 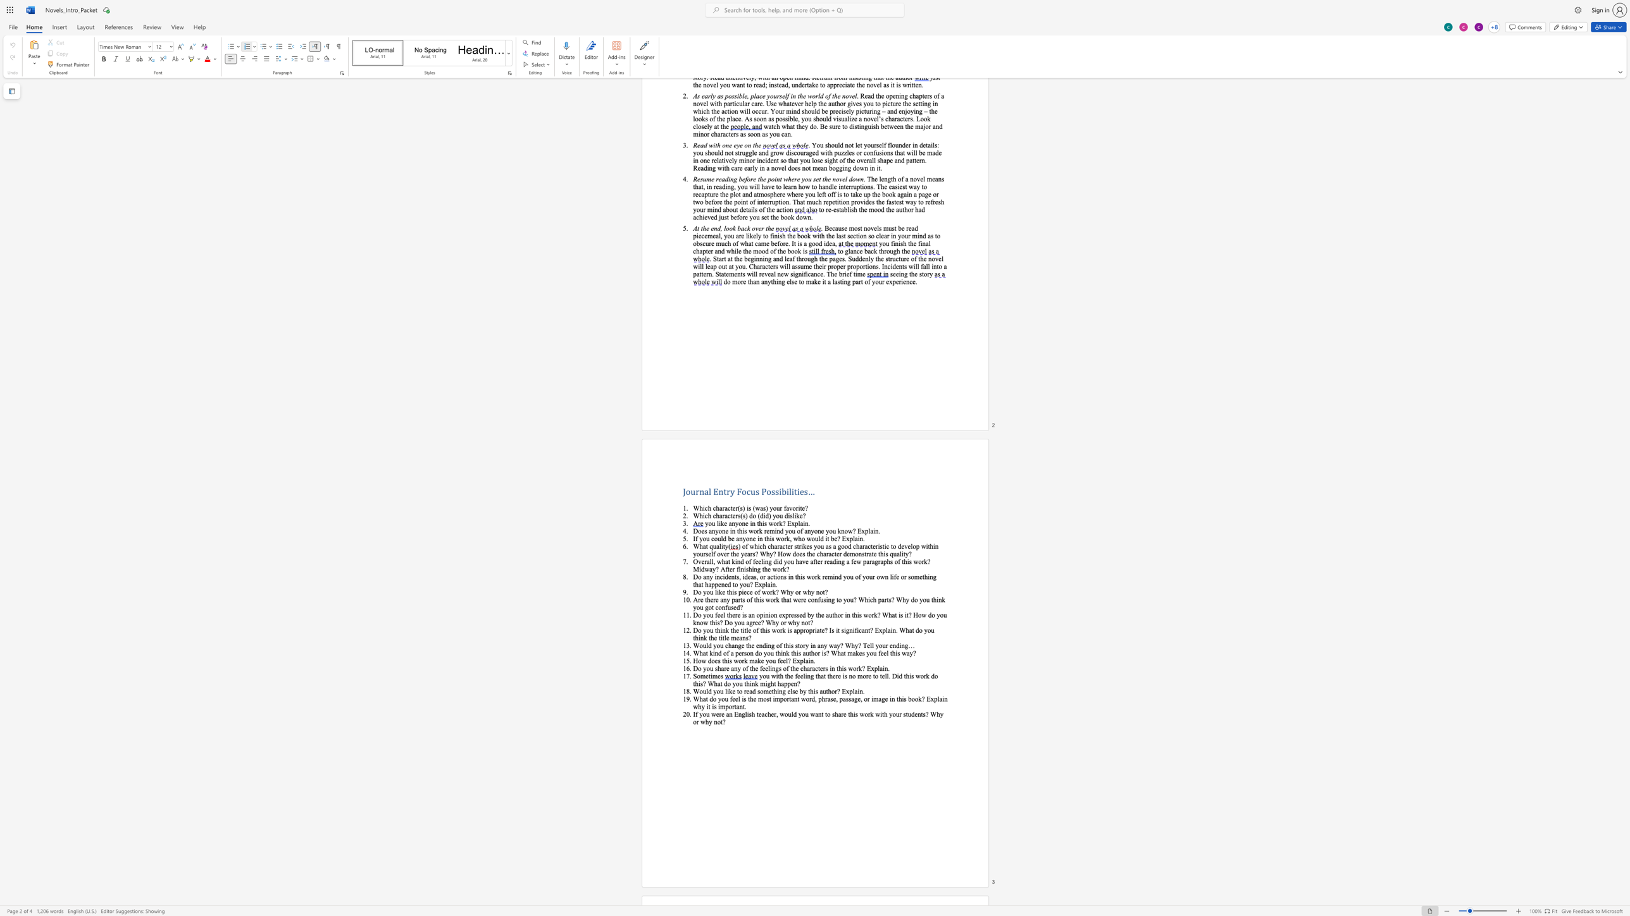 I want to click on the space between the continuous character "m" and "a" in the text, so click(x=851, y=652).